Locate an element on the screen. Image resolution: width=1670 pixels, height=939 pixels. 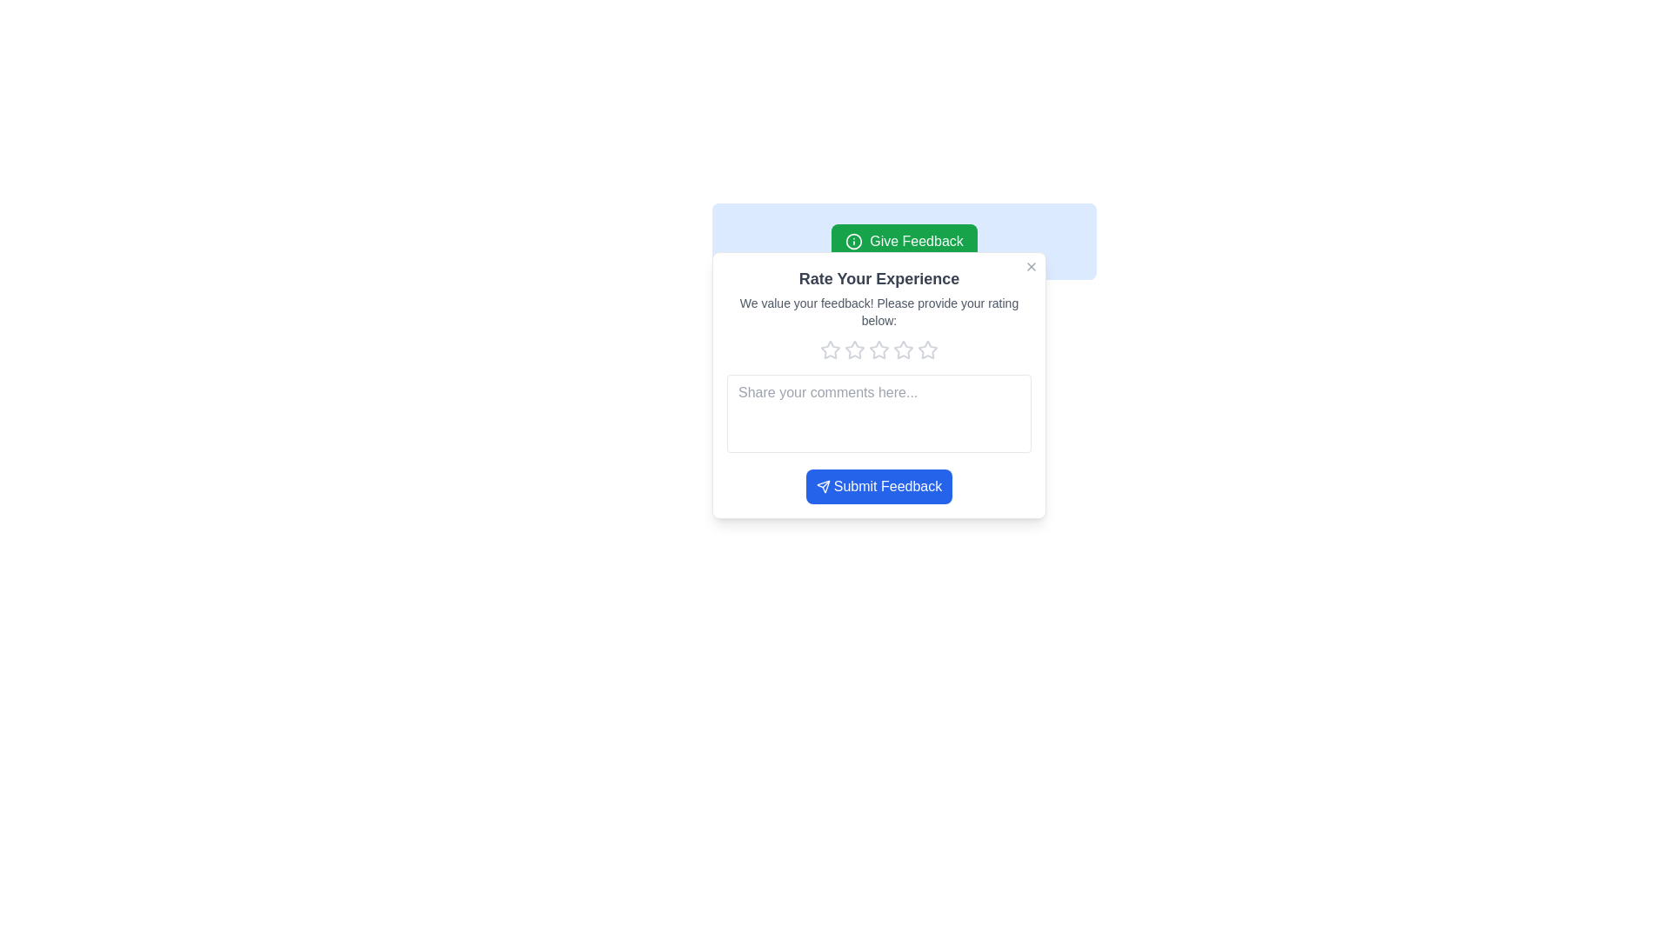
the third gray star icon in the 'Rate Your Experience' popup to visualize a potential selection is located at coordinates (903, 350).